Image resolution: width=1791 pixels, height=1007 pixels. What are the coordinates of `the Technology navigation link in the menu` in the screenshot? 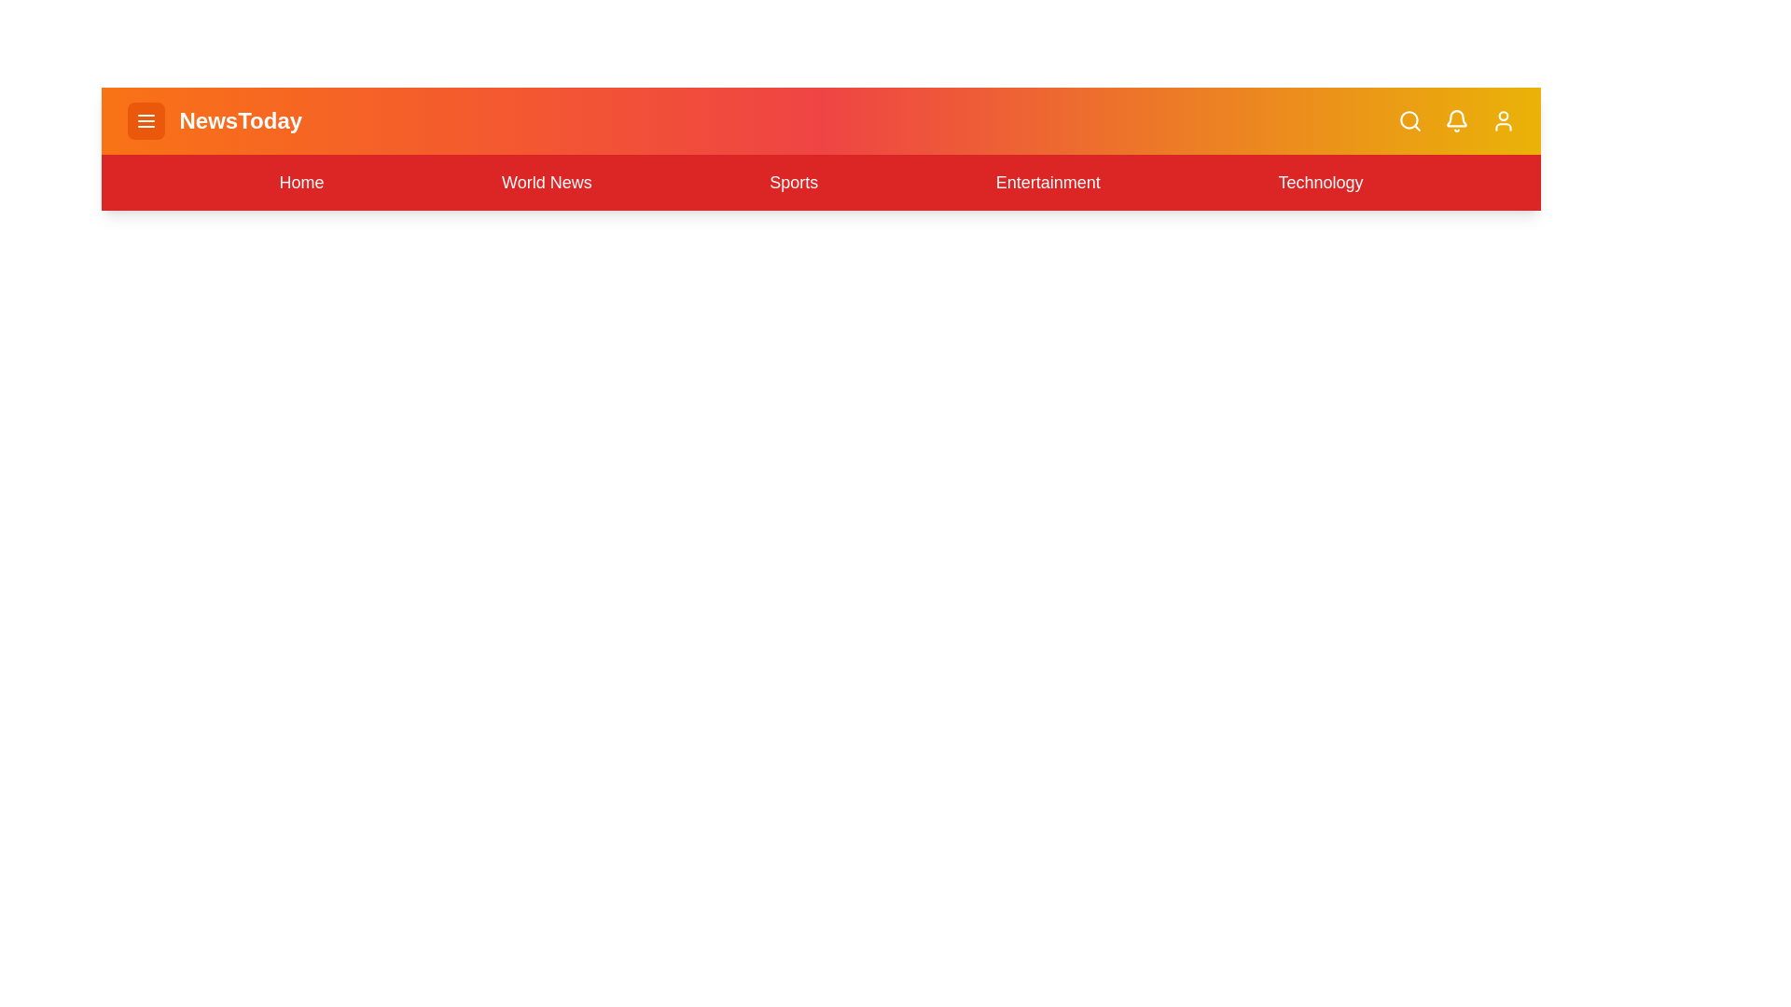 It's located at (1320, 183).